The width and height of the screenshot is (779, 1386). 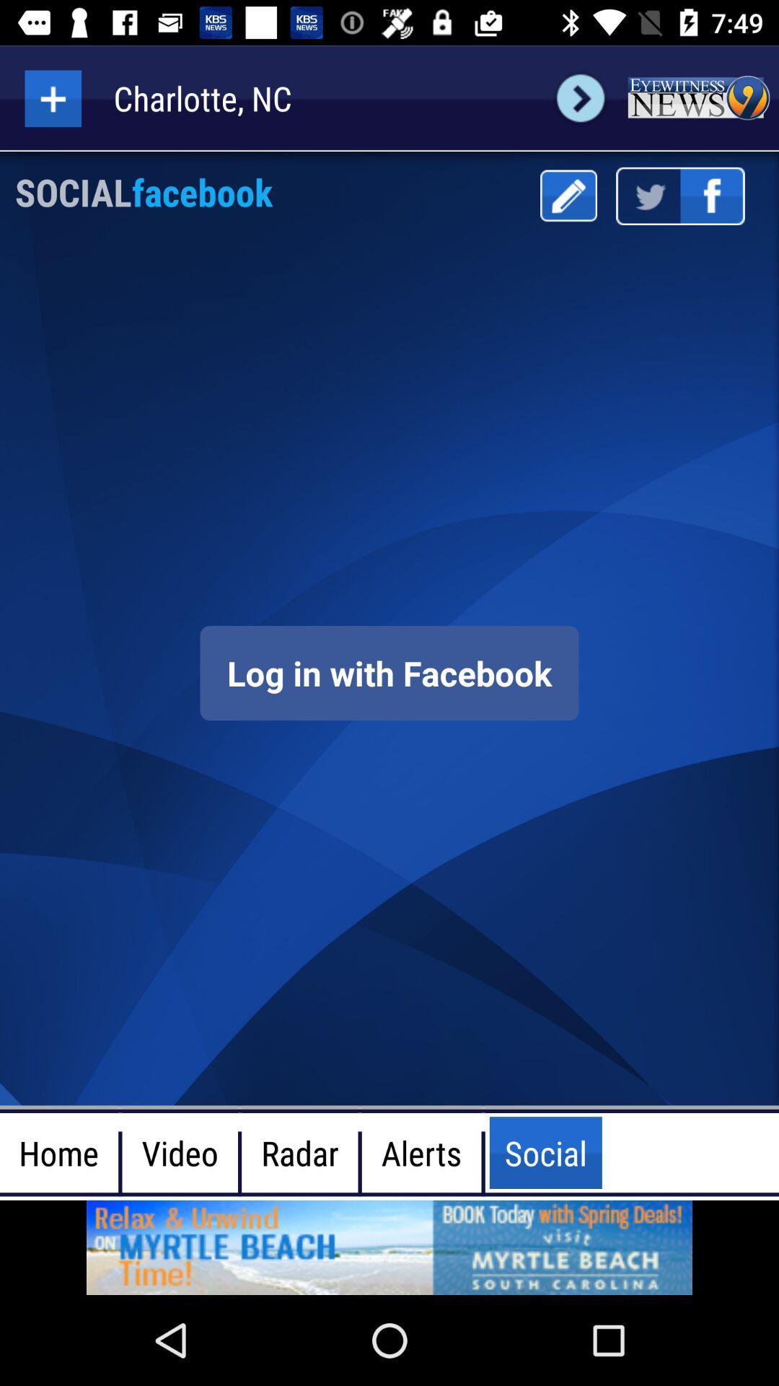 What do you see at coordinates (389, 672) in the screenshot?
I see `facebook login` at bounding box center [389, 672].